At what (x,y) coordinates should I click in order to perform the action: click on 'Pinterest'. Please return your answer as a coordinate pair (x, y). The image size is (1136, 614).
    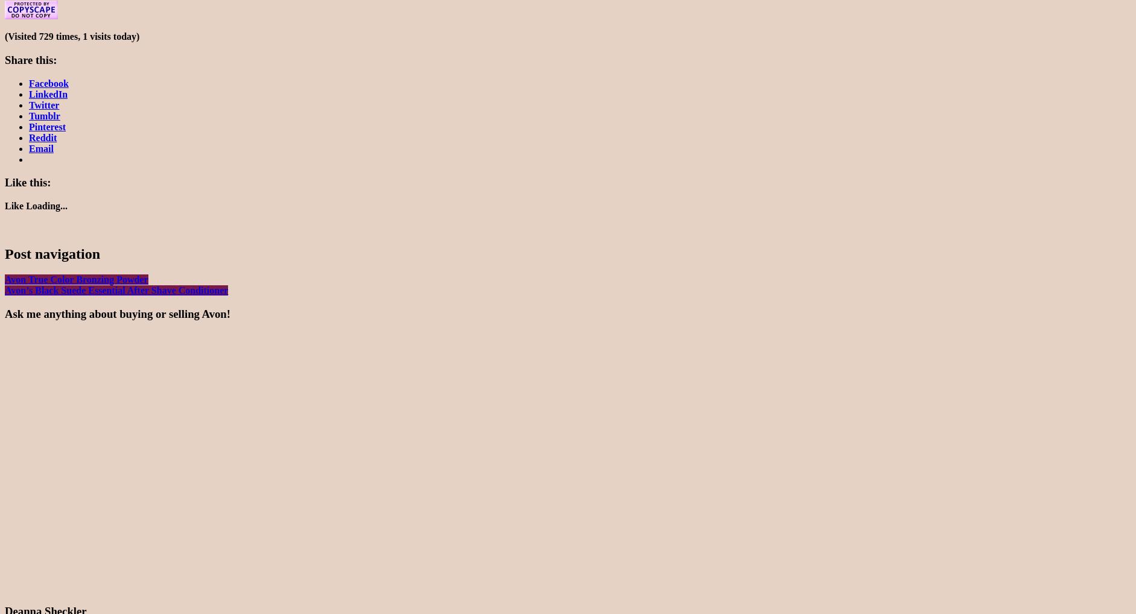
    Looking at the image, I should click on (46, 125).